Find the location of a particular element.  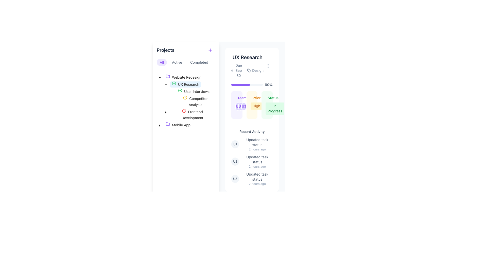

the topmost list item in the Recent Activity section labeled 'UX Research' is located at coordinates (252, 144).